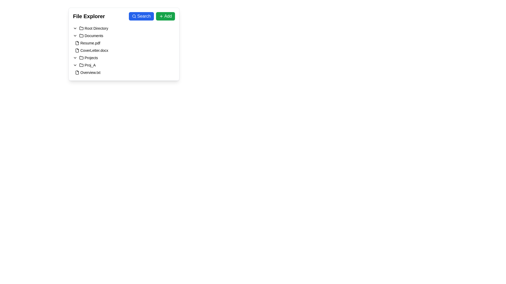 The image size is (506, 284). Describe the element at coordinates (152, 16) in the screenshot. I see `the 'Search' button located in the button group at the top-center of the 'File Explorer' section to initiate a search process` at that location.